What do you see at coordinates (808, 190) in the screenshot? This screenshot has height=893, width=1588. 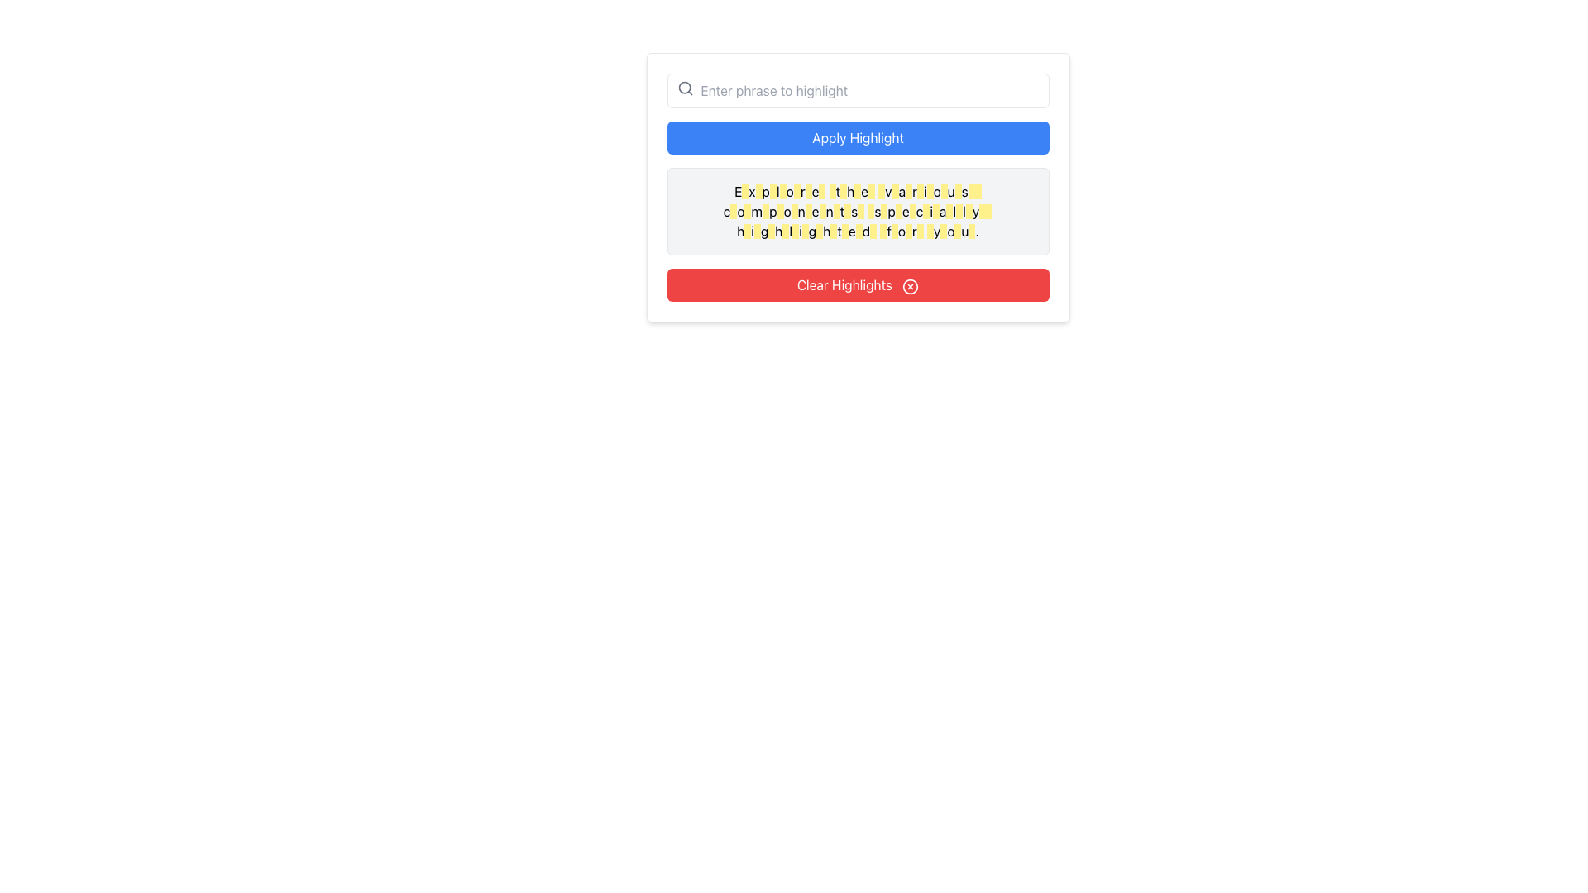 I see `the sixth yellow-highlighted rectangle that highlights the word 'the' in the text 'Explore the various components specially highlighted for you.'` at bounding box center [808, 190].